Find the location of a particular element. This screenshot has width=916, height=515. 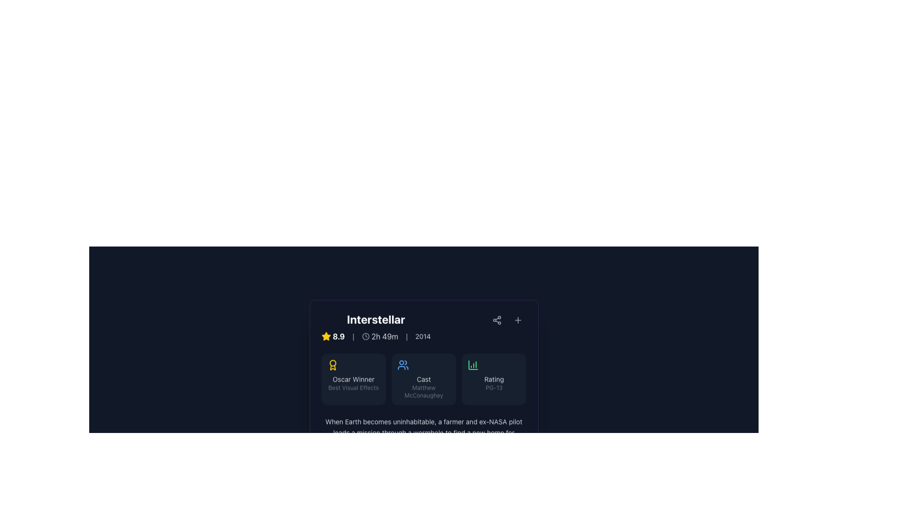

the 'add' button with the plus icon located at the top-right corner of the 'Interstellar' panel is located at coordinates (517, 320).